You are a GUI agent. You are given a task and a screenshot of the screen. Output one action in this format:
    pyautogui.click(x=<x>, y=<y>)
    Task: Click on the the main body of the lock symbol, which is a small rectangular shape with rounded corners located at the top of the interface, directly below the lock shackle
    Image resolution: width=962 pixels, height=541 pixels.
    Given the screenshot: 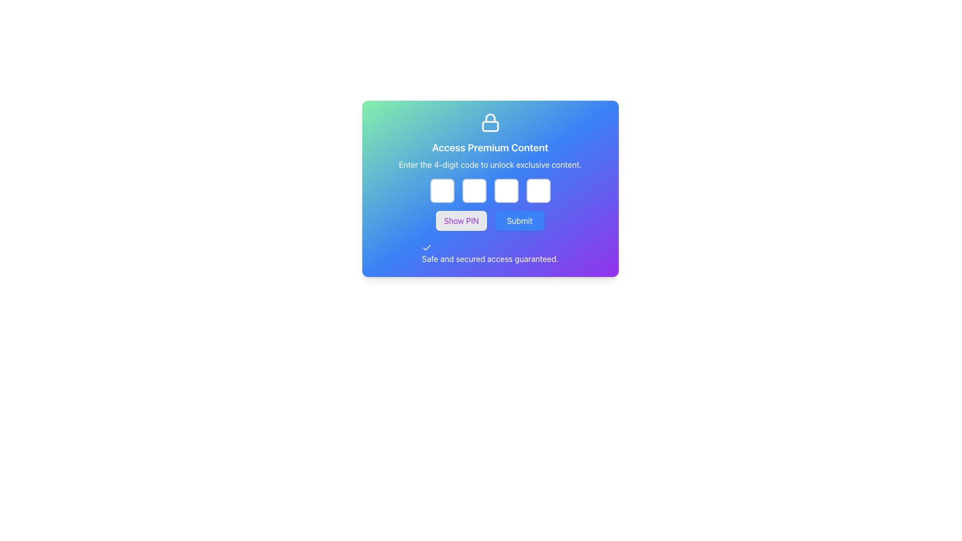 What is the action you would take?
    pyautogui.click(x=490, y=126)
    